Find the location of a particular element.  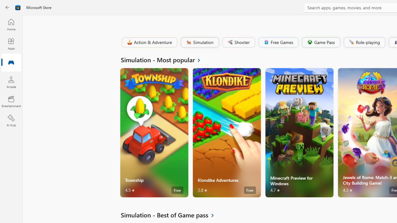

'Apps' is located at coordinates (11, 43).